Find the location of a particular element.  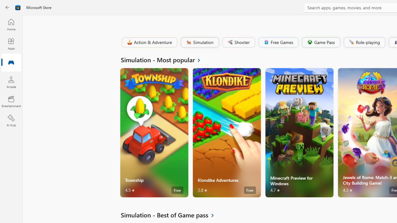

'Apps' is located at coordinates (11, 43).